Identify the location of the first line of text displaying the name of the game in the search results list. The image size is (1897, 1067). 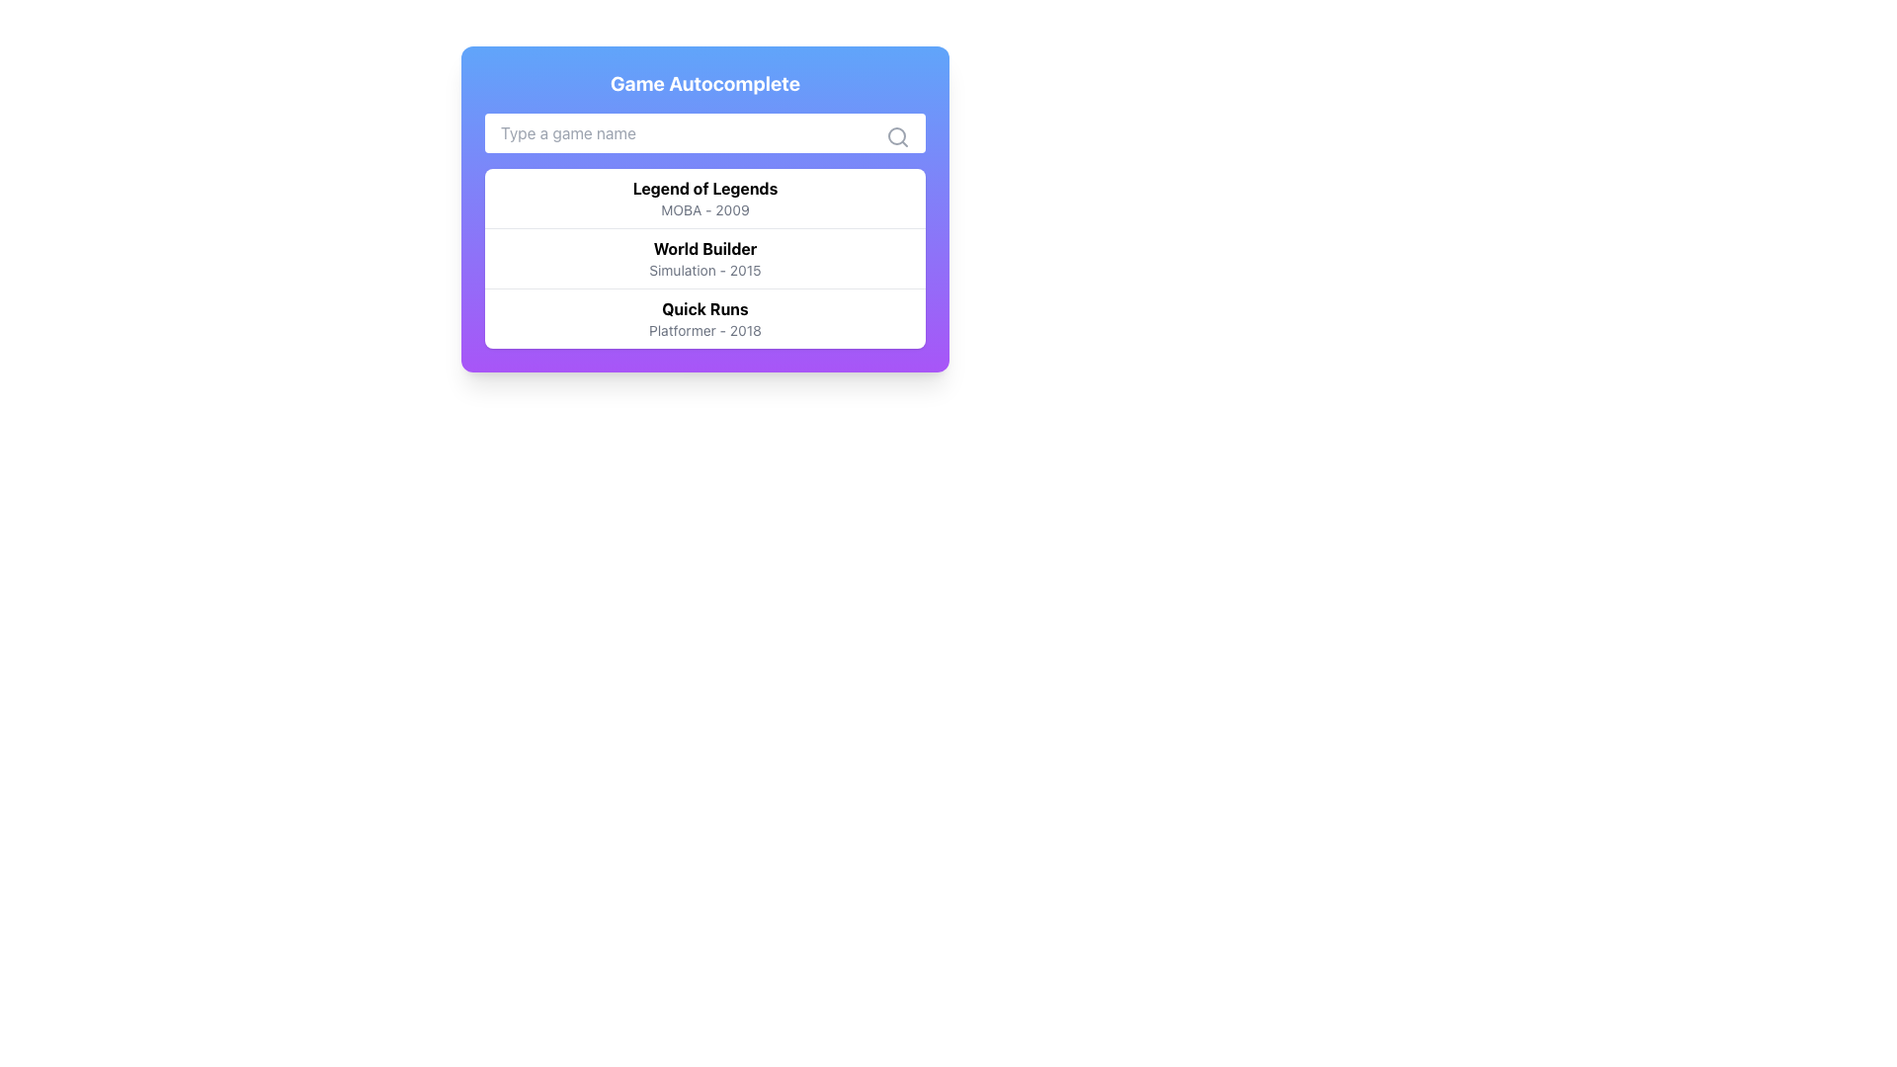
(705, 189).